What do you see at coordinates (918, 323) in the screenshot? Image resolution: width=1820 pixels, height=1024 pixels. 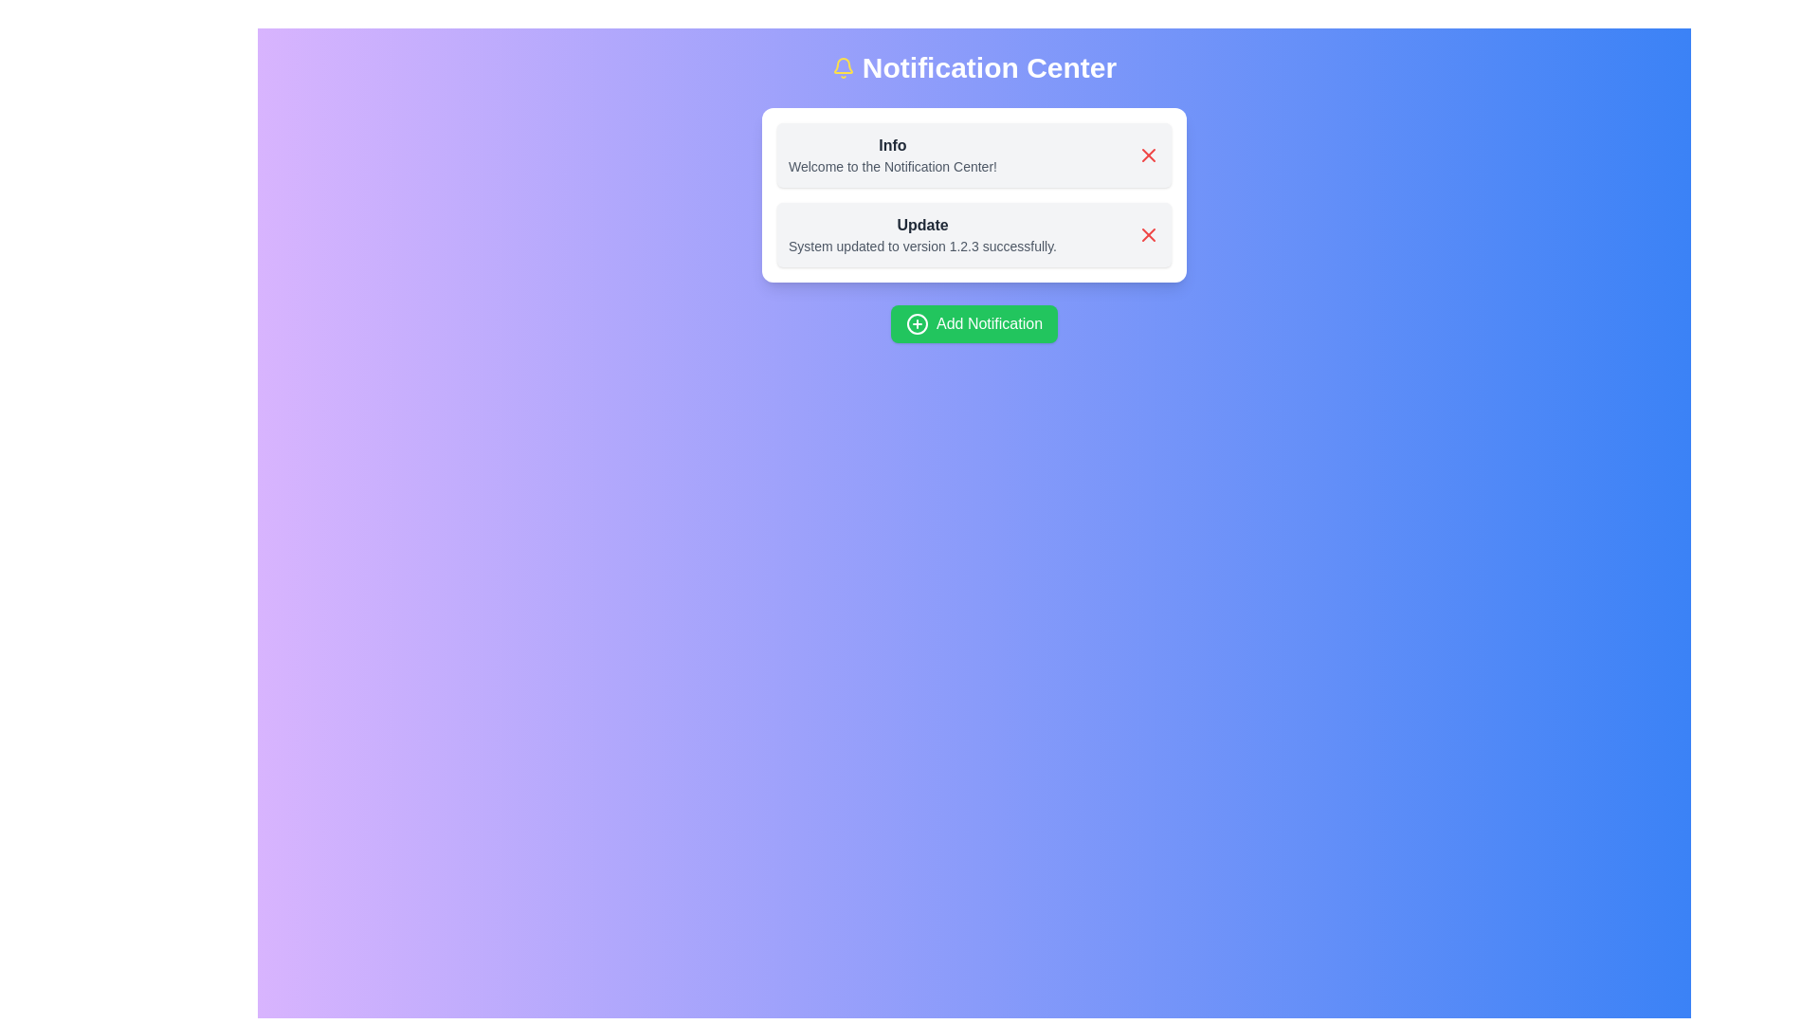 I see `the SVG Circle that represents the border of the plus icon within the 'Add Notification' button, located at the center of the button` at bounding box center [918, 323].